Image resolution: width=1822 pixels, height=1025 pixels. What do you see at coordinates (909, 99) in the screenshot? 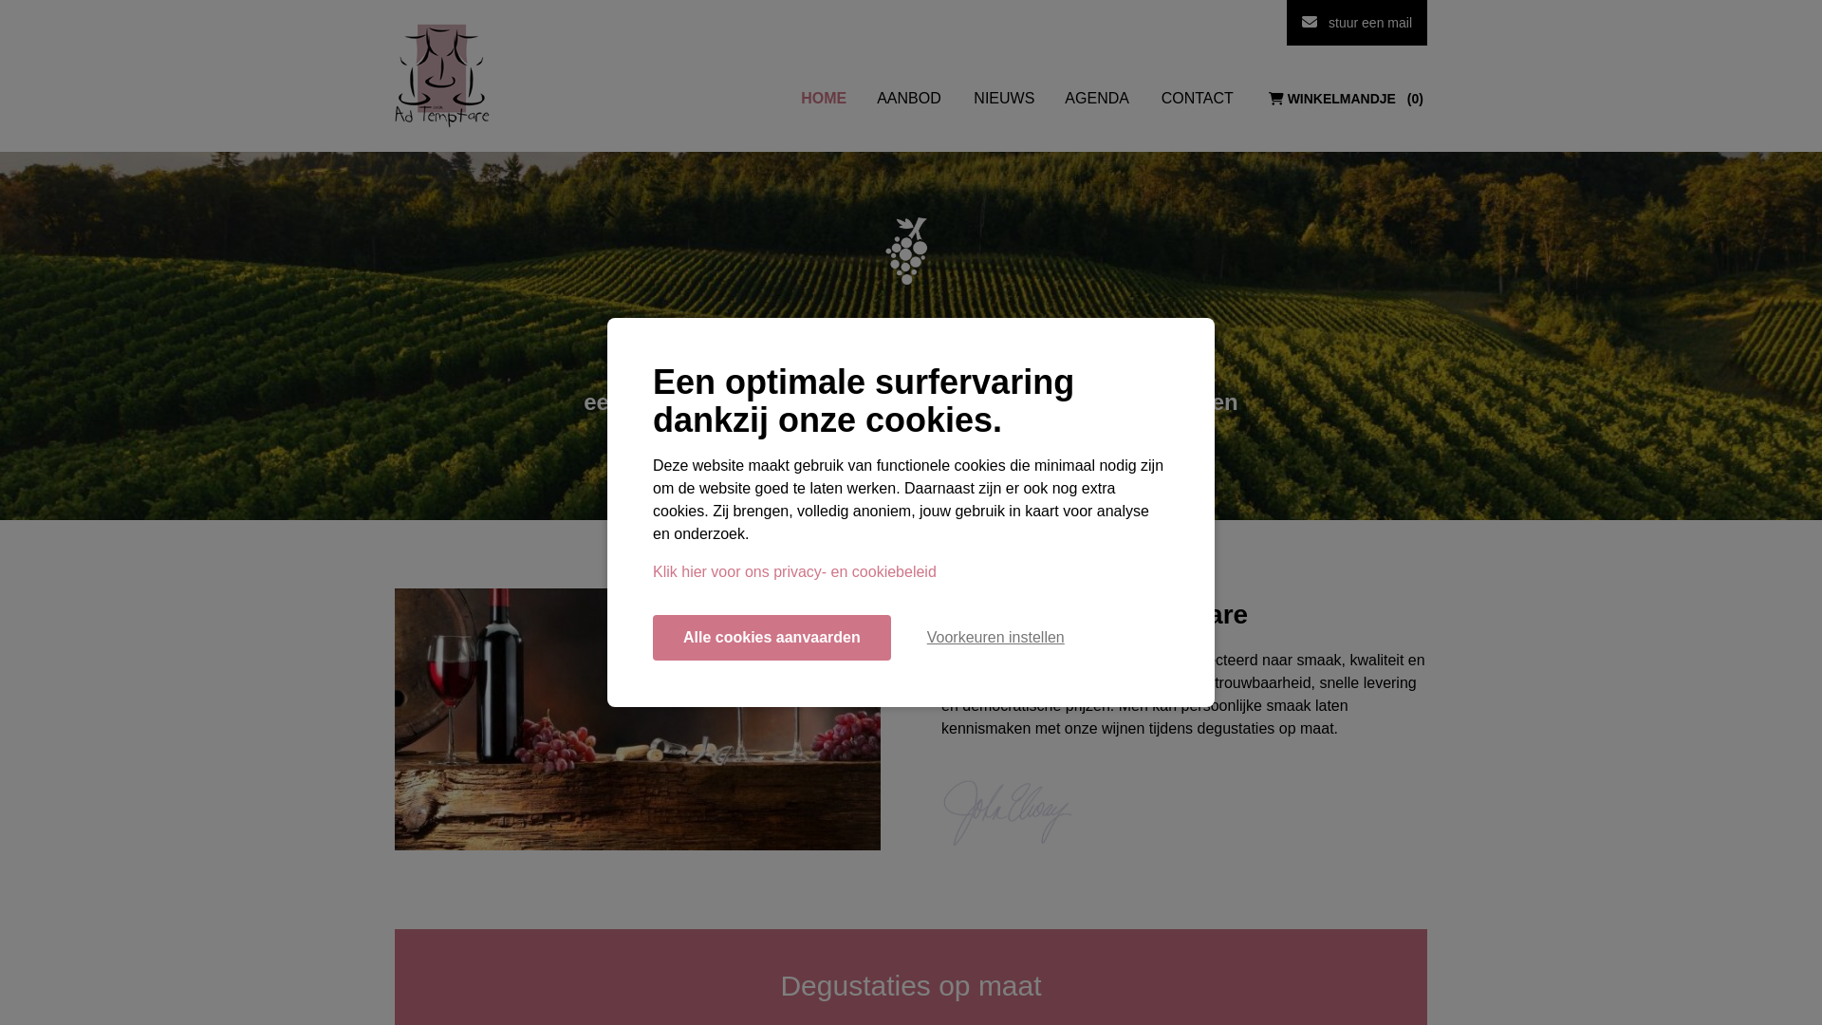
I see `'AANBOD'` at bounding box center [909, 99].